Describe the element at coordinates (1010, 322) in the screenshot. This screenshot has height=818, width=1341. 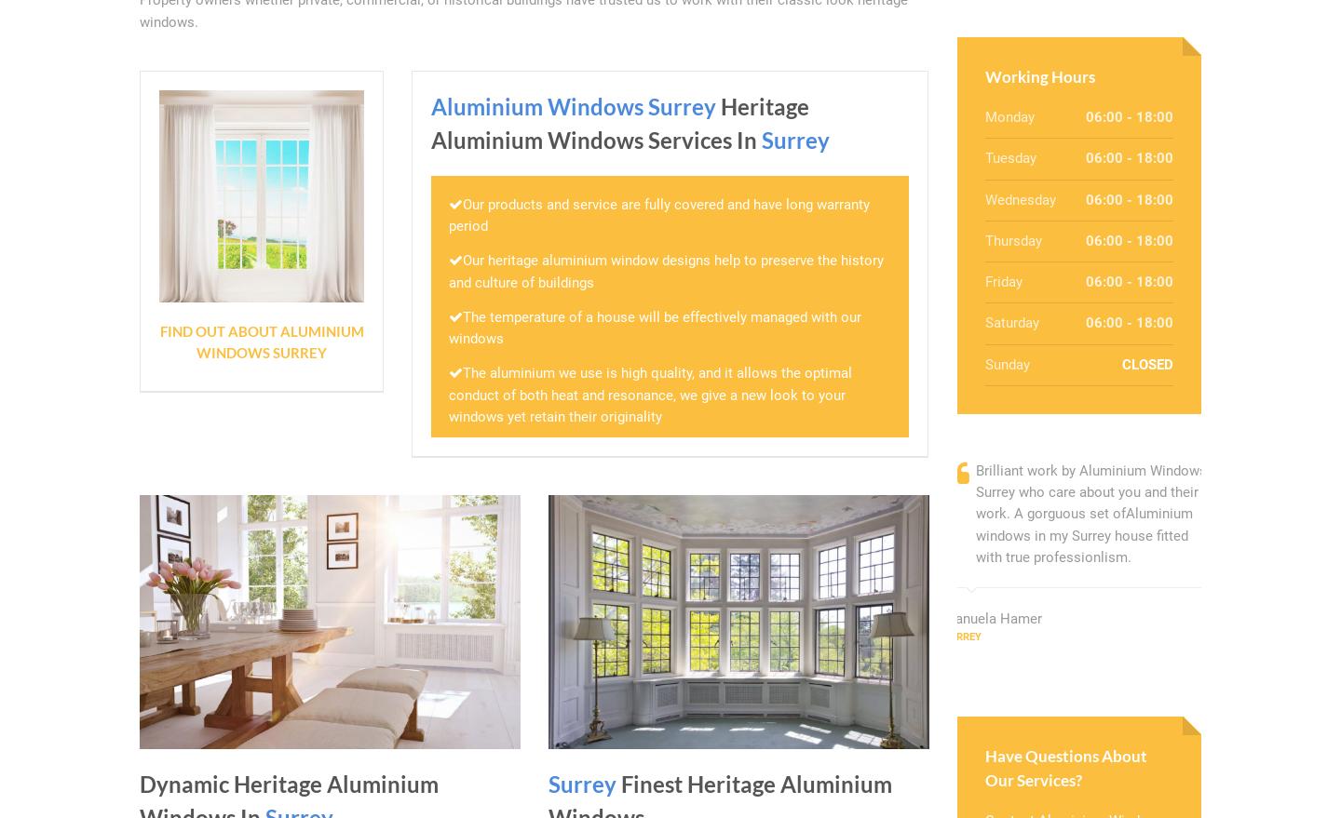
I see `'Saturday'` at that location.